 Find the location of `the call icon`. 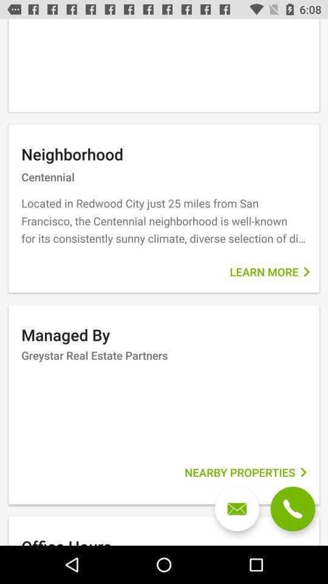

the call icon is located at coordinates (292, 509).